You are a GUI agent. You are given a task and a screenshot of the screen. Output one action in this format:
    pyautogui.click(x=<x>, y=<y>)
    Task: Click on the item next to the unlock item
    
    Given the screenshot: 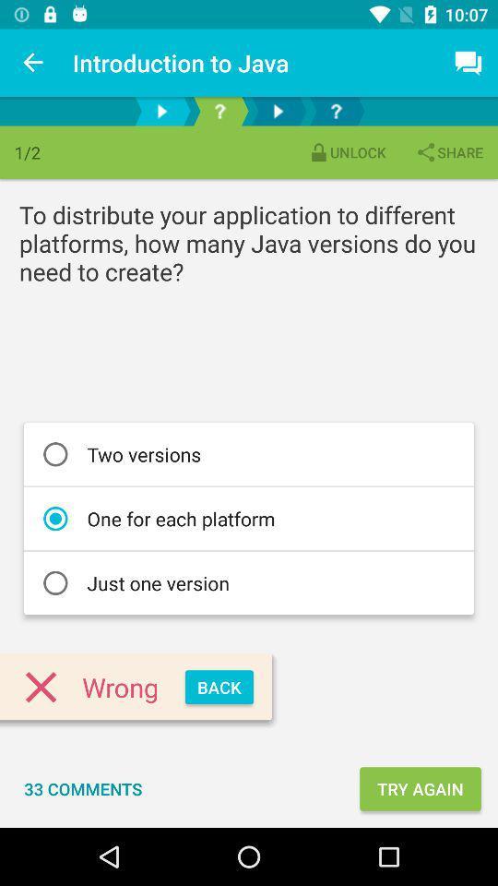 What is the action you would take?
    pyautogui.click(x=448, y=151)
    